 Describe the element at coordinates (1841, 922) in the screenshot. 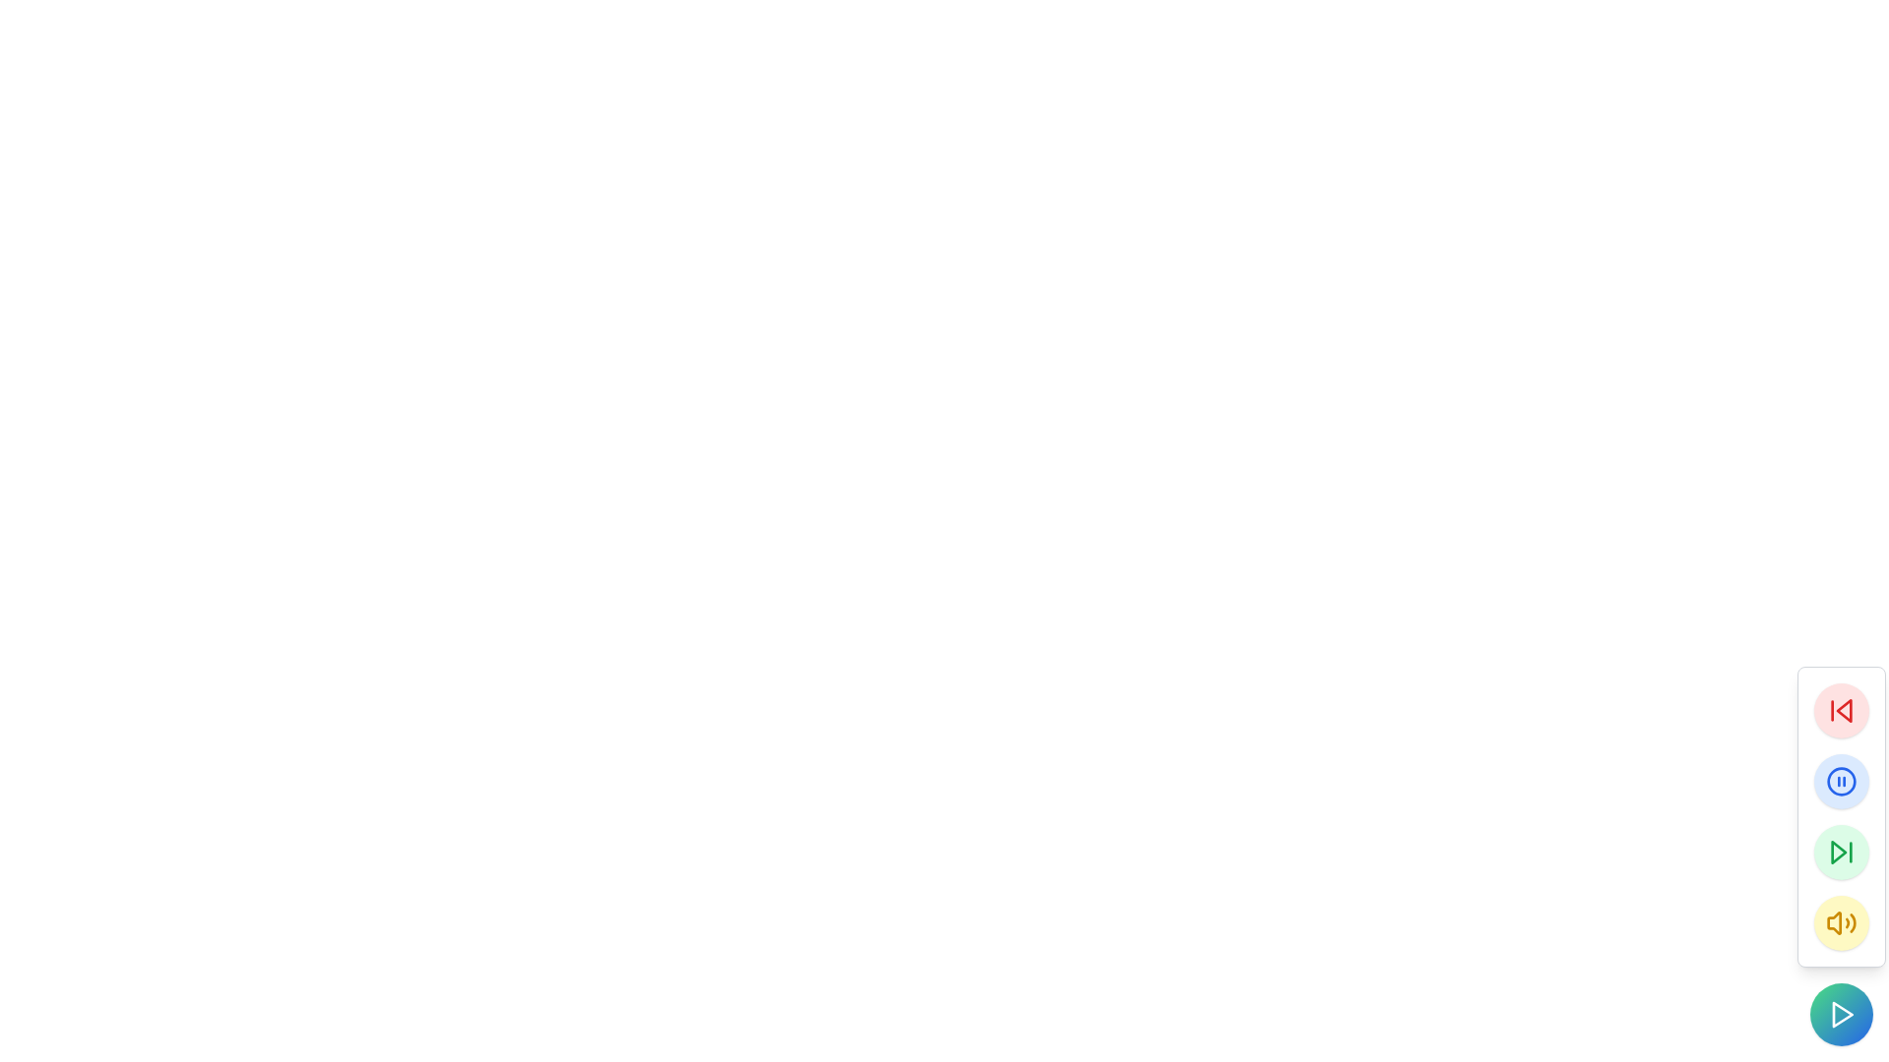

I see `the fourth circular button with a yellow background in the vertical control panel on the right side of the interface` at that location.